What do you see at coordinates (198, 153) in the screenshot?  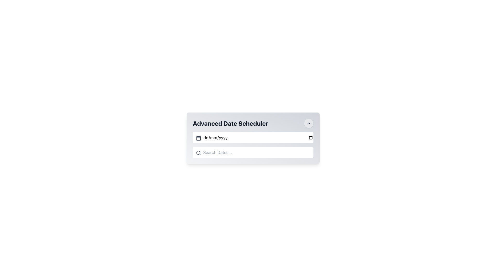 I see `the Search Icon, which is visually represented as a magnifying glass and located inside the text input field to the left of the placeholder text 'Search Dates...' in the 'Advanced Date Scheduler' interface` at bounding box center [198, 153].